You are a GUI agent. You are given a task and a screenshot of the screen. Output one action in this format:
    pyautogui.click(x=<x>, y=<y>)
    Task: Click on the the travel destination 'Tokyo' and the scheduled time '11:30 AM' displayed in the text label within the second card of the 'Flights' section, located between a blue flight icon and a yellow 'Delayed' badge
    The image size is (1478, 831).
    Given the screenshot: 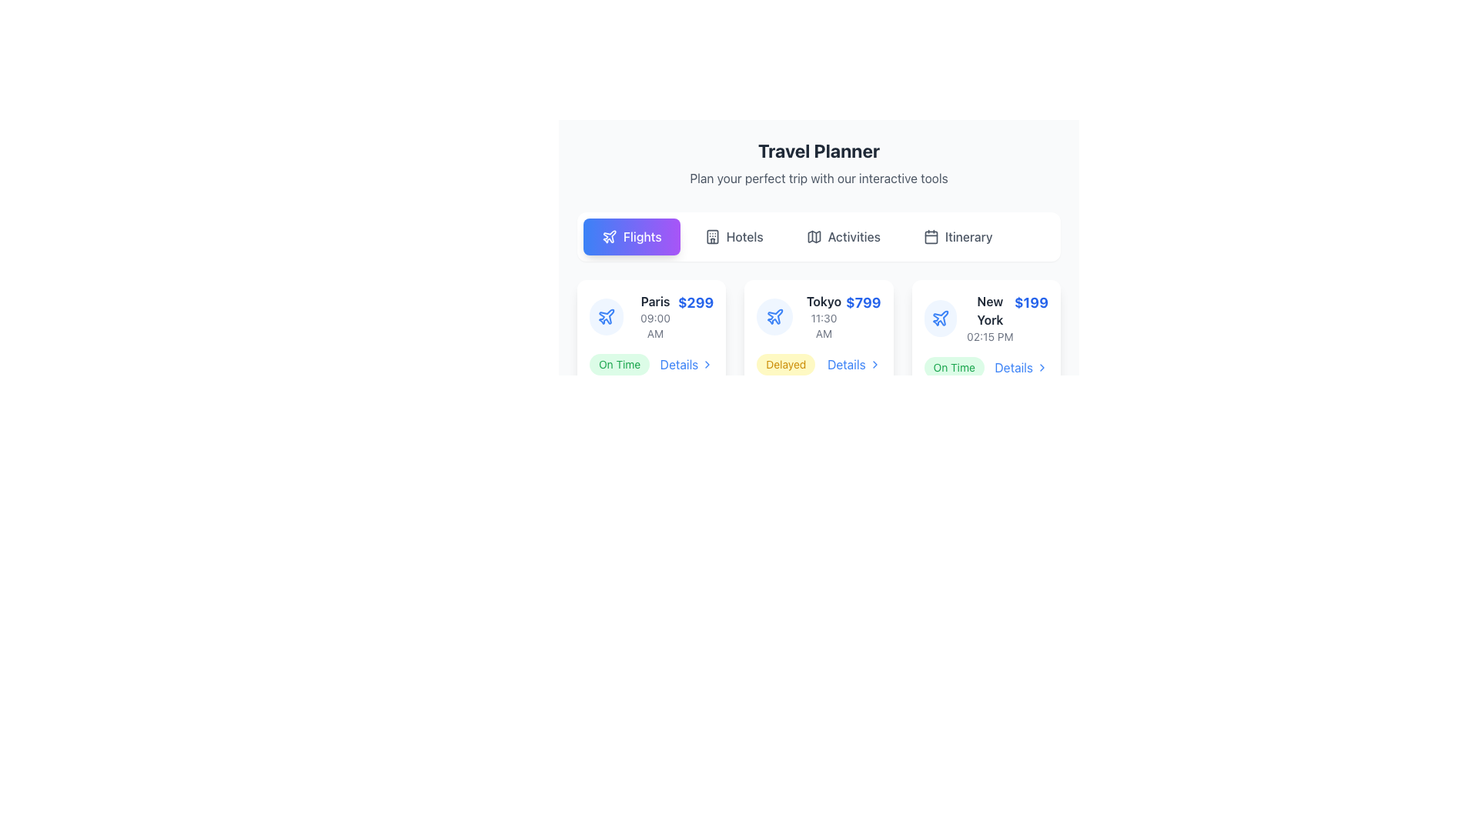 What is the action you would take?
    pyautogui.click(x=823, y=316)
    